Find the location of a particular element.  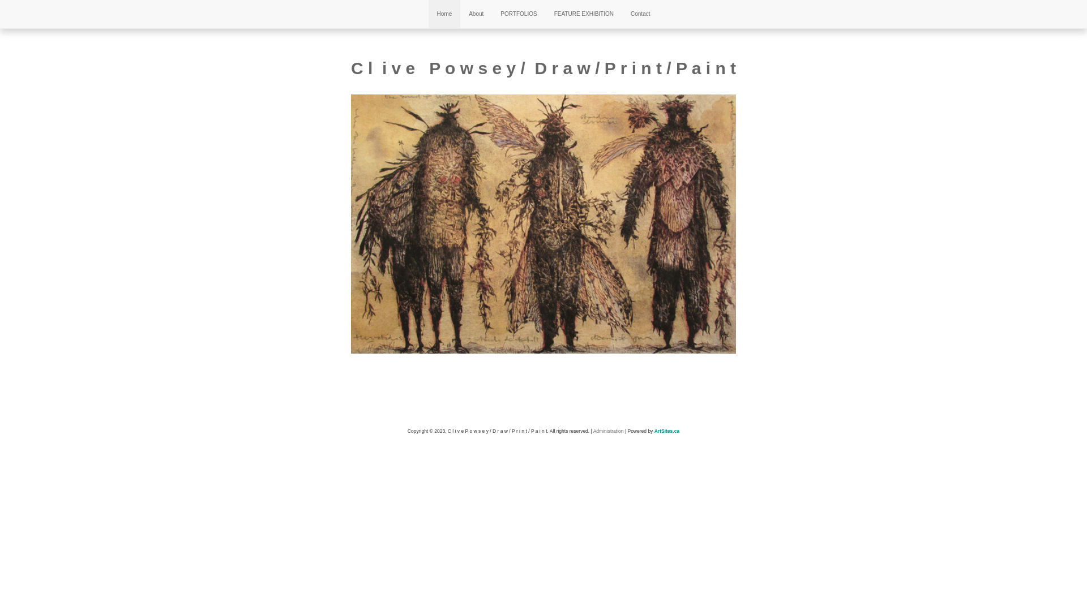

'PORTFOLIOS' is located at coordinates (518, 14).